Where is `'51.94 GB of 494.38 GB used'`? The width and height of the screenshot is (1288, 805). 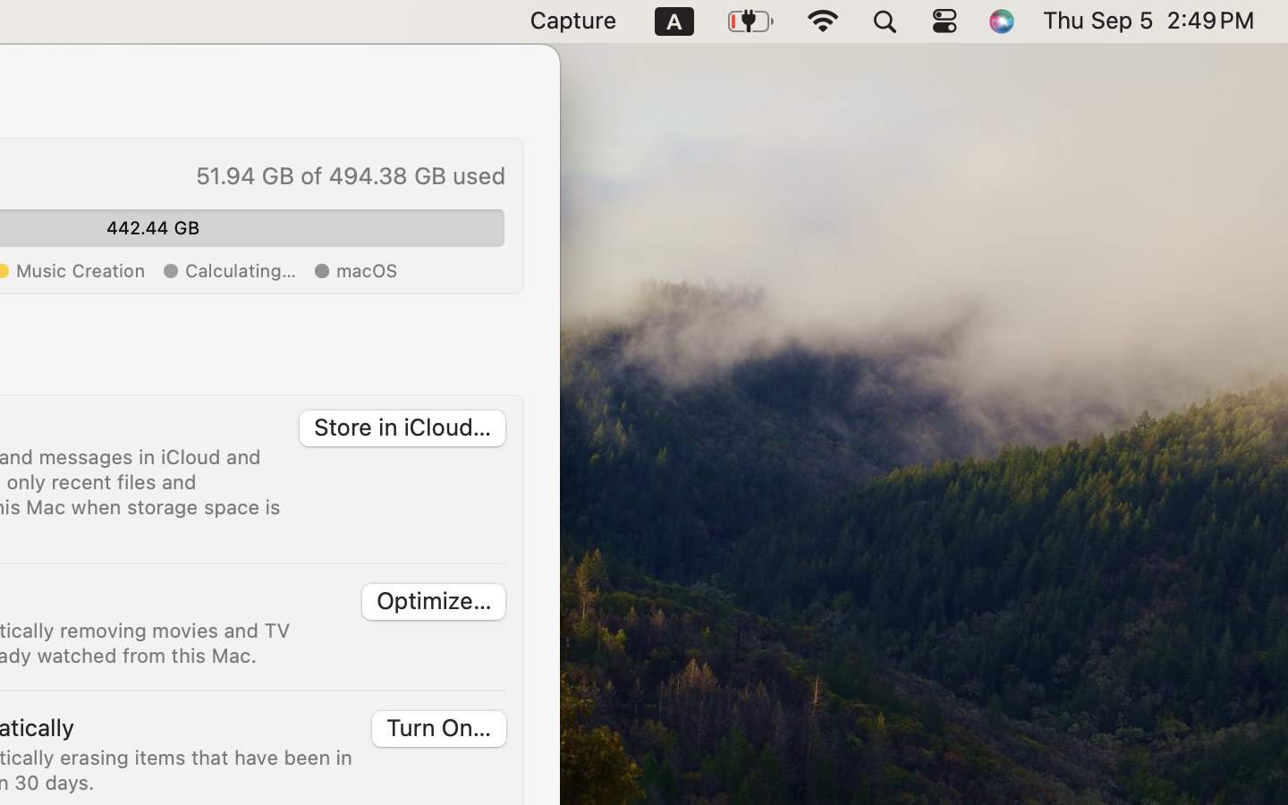
'51.94 GB of 494.38 GB used' is located at coordinates (348, 175).